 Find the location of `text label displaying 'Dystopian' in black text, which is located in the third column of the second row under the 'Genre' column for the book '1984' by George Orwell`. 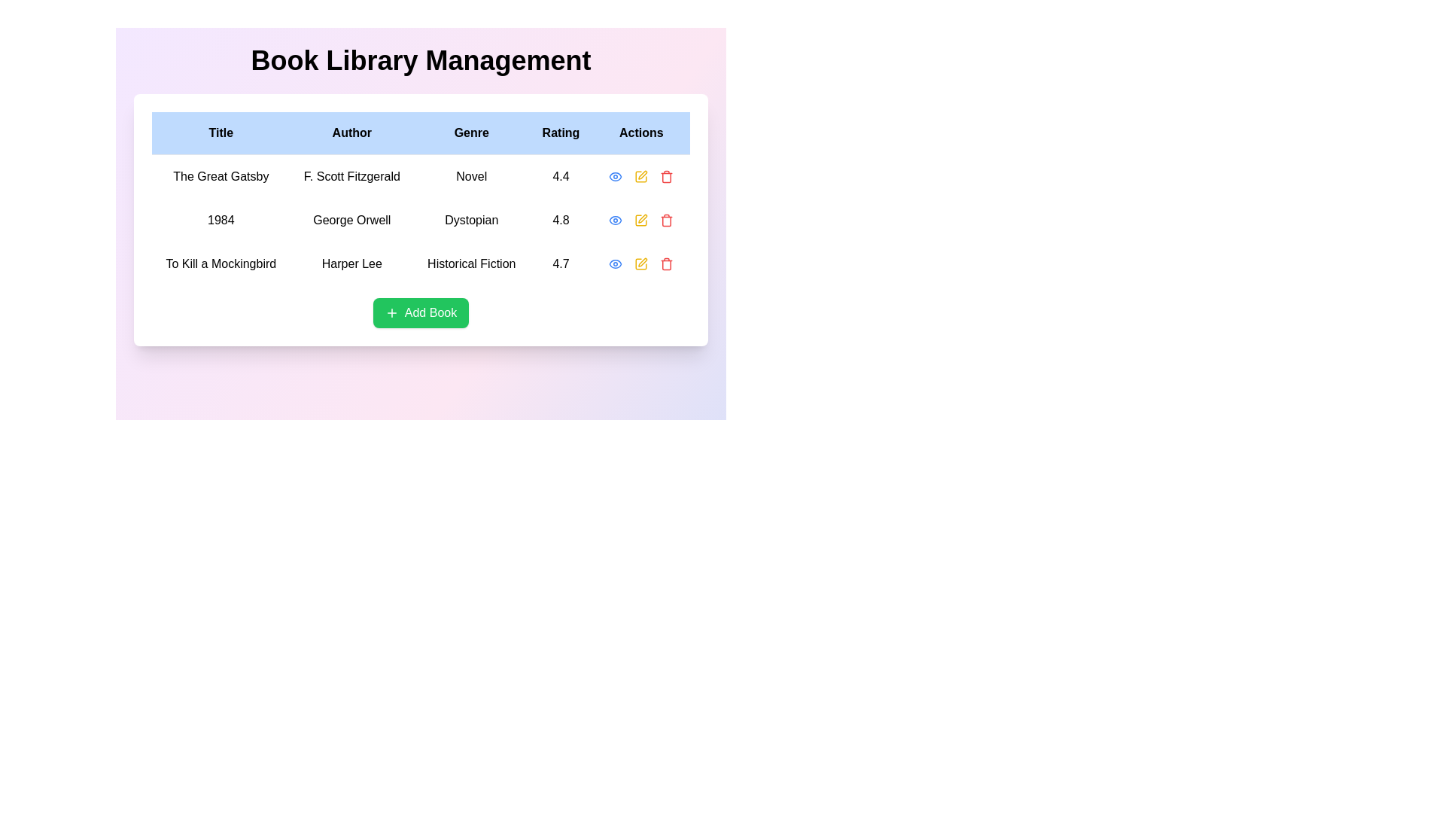

text label displaying 'Dystopian' in black text, which is located in the third column of the second row under the 'Genre' column for the book '1984' by George Orwell is located at coordinates (470, 221).